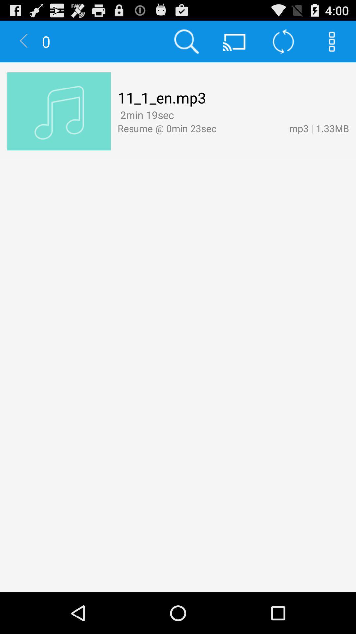 This screenshot has width=356, height=634. Describe the element at coordinates (179, 116) in the screenshot. I see `item next to  2min 19sec app` at that location.